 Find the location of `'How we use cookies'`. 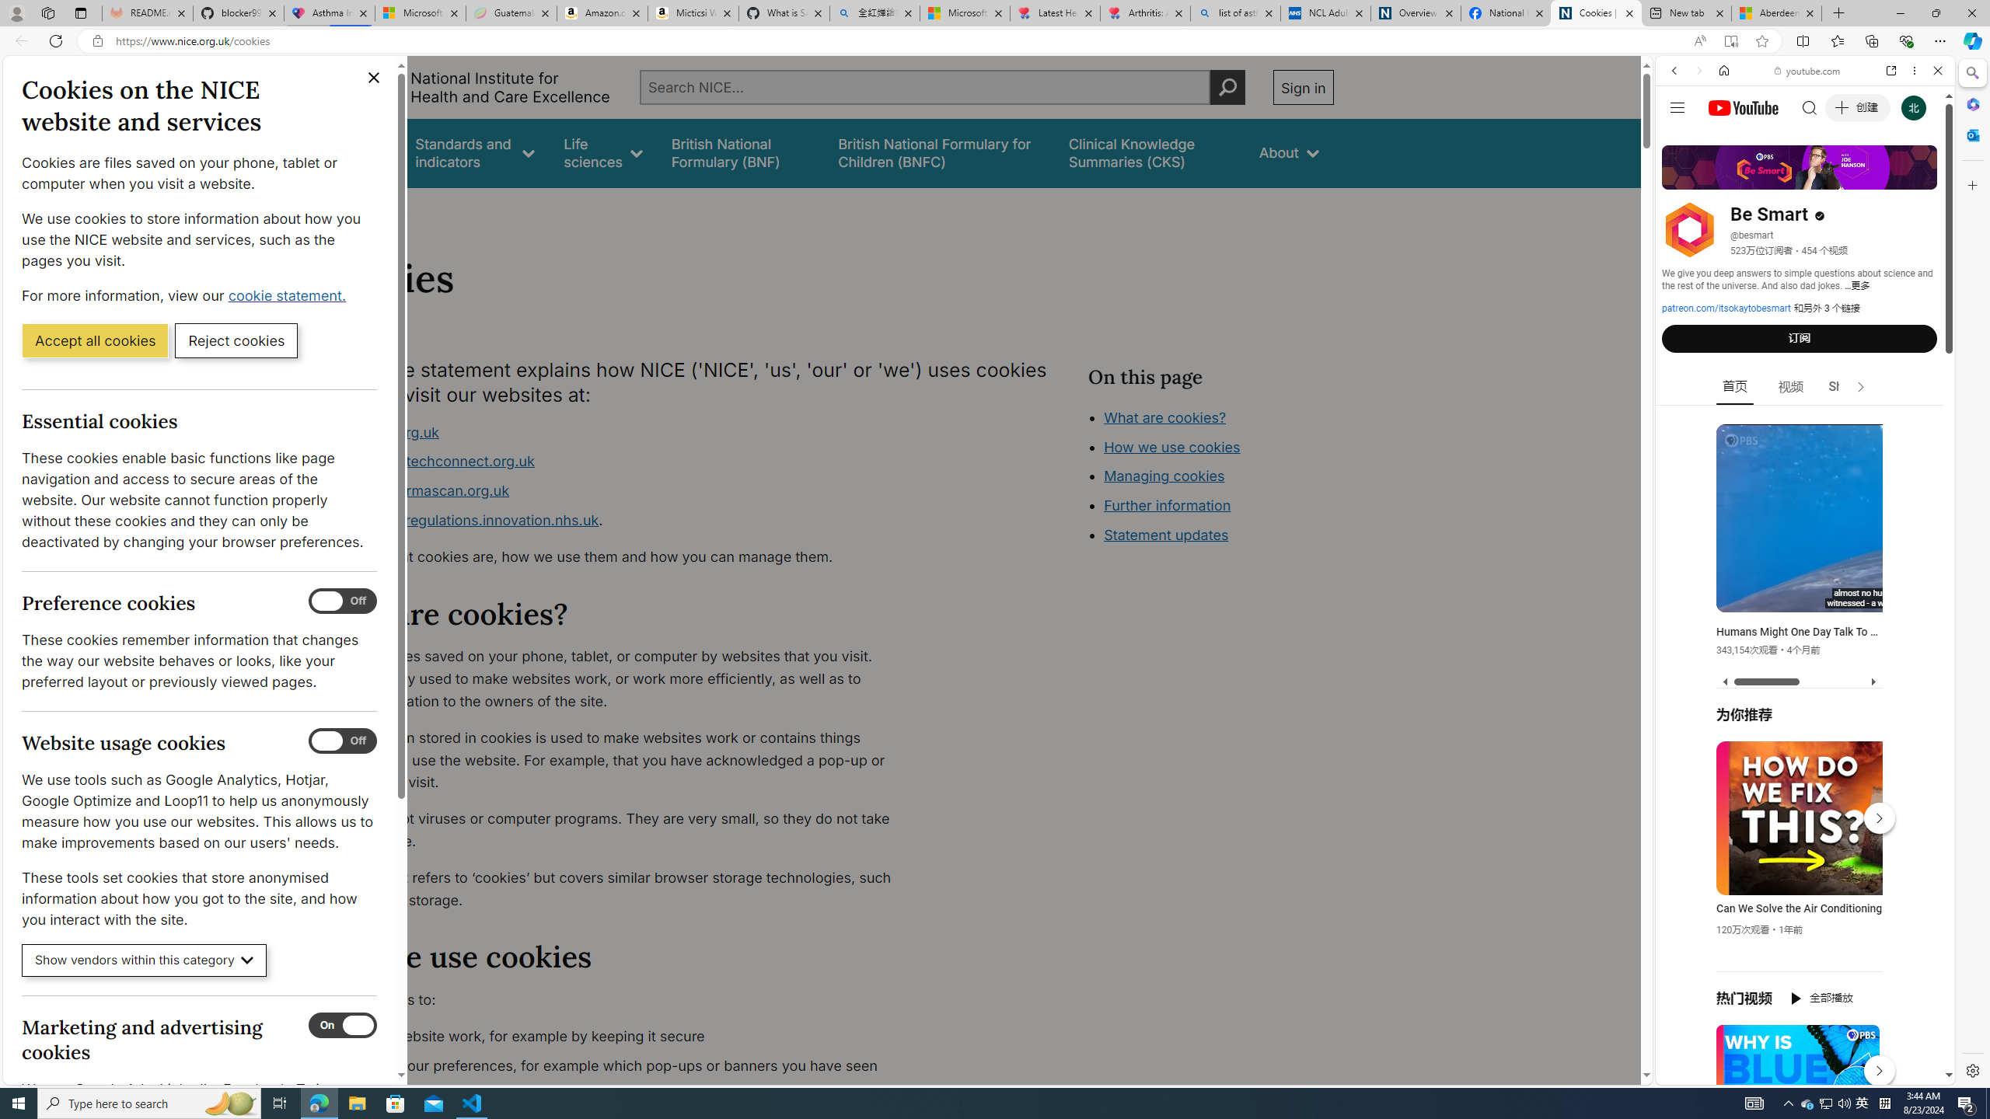

'How we use cookies' is located at coordinates (1171, 446).